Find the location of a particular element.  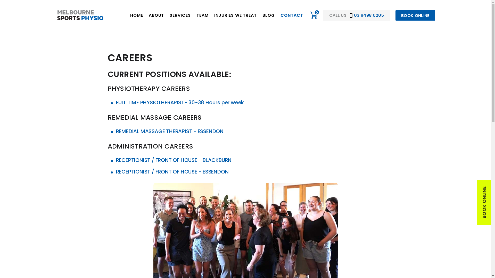

'CONTACT' is located at coordinates (292, 15).